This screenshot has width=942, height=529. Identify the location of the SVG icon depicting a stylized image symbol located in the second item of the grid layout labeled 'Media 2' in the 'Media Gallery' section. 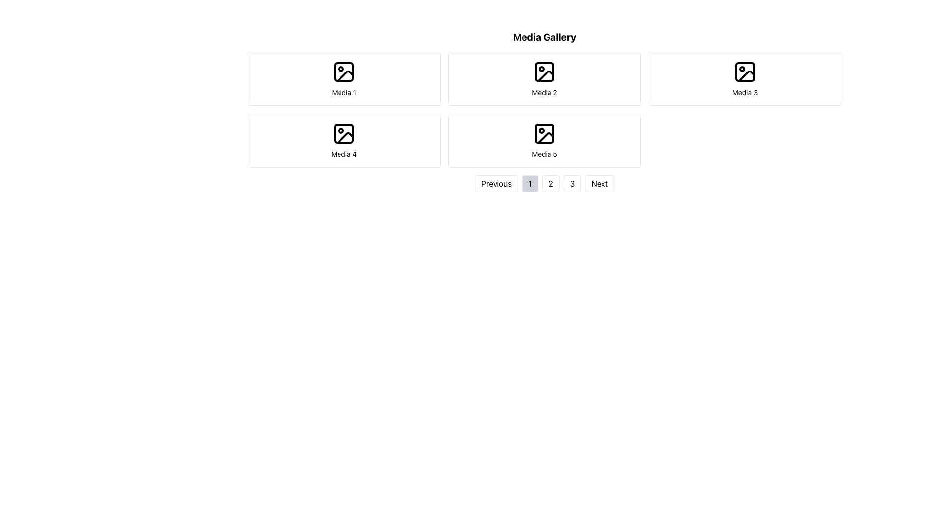
(544, 71).